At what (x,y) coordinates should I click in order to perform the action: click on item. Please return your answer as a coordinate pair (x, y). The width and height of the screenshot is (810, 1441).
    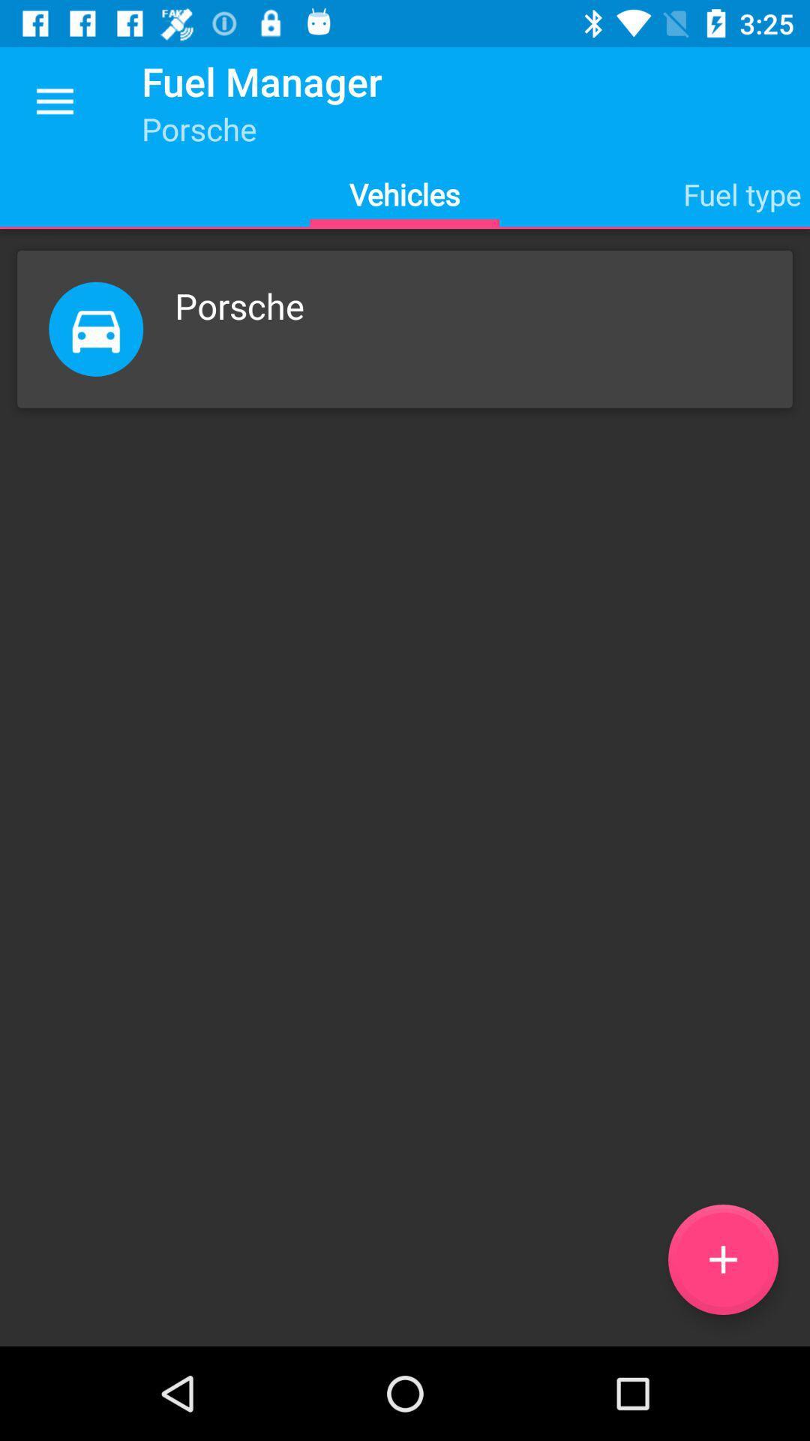
    Looking at the image, I should click on (722, 1259).